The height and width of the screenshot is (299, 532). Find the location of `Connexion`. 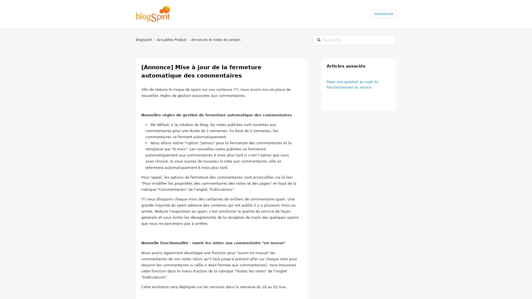

Connexion is located at coordinates (383, 13).